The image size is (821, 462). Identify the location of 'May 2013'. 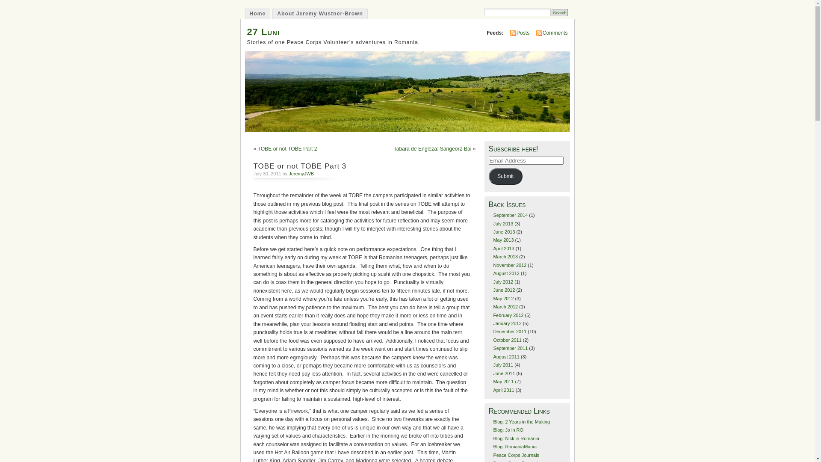
(503, 240).